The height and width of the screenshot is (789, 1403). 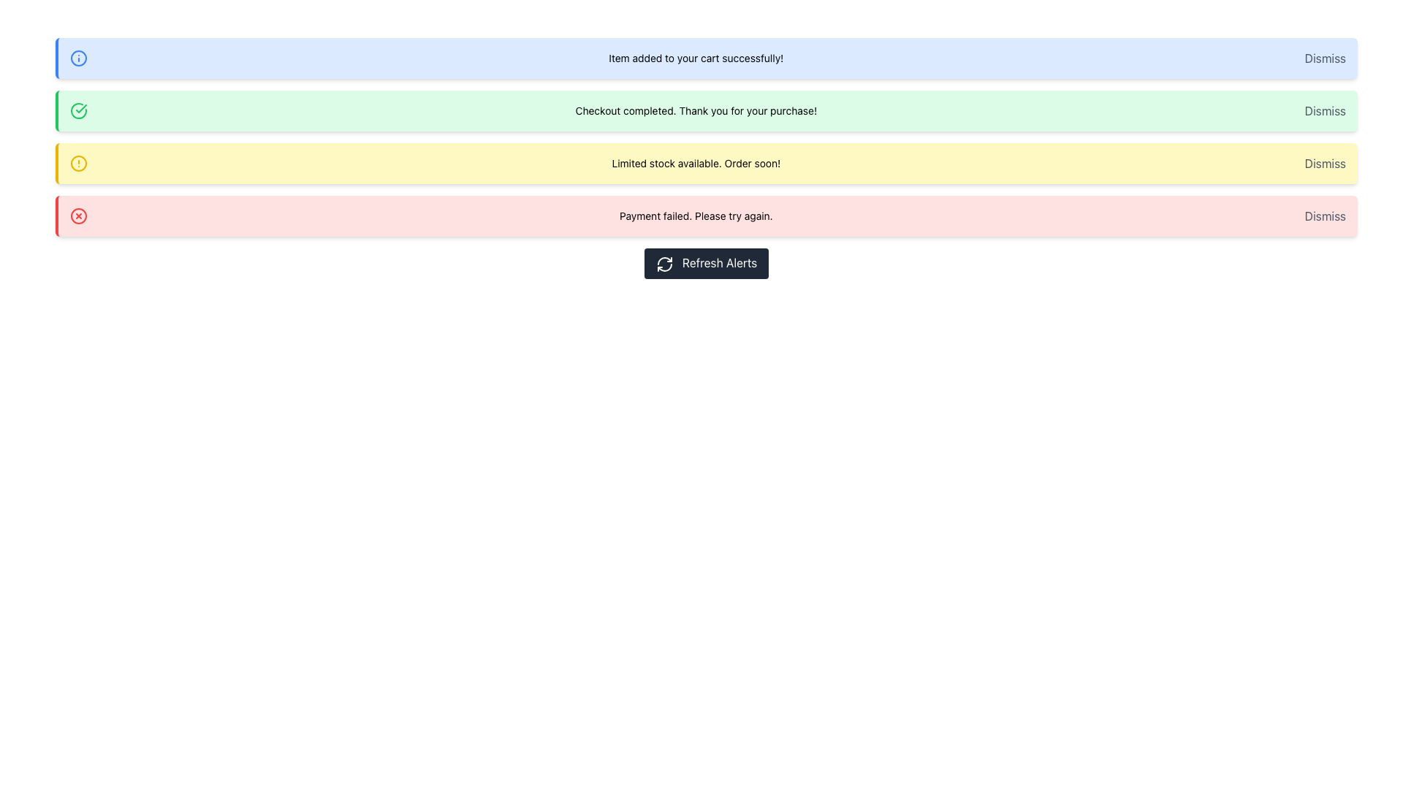 What do you see at coordinates (78, 216) in the screenshot?
I see `the error icon located in the bottom alert panel, adjacent to the alert text` at bounding box center [78, 216].